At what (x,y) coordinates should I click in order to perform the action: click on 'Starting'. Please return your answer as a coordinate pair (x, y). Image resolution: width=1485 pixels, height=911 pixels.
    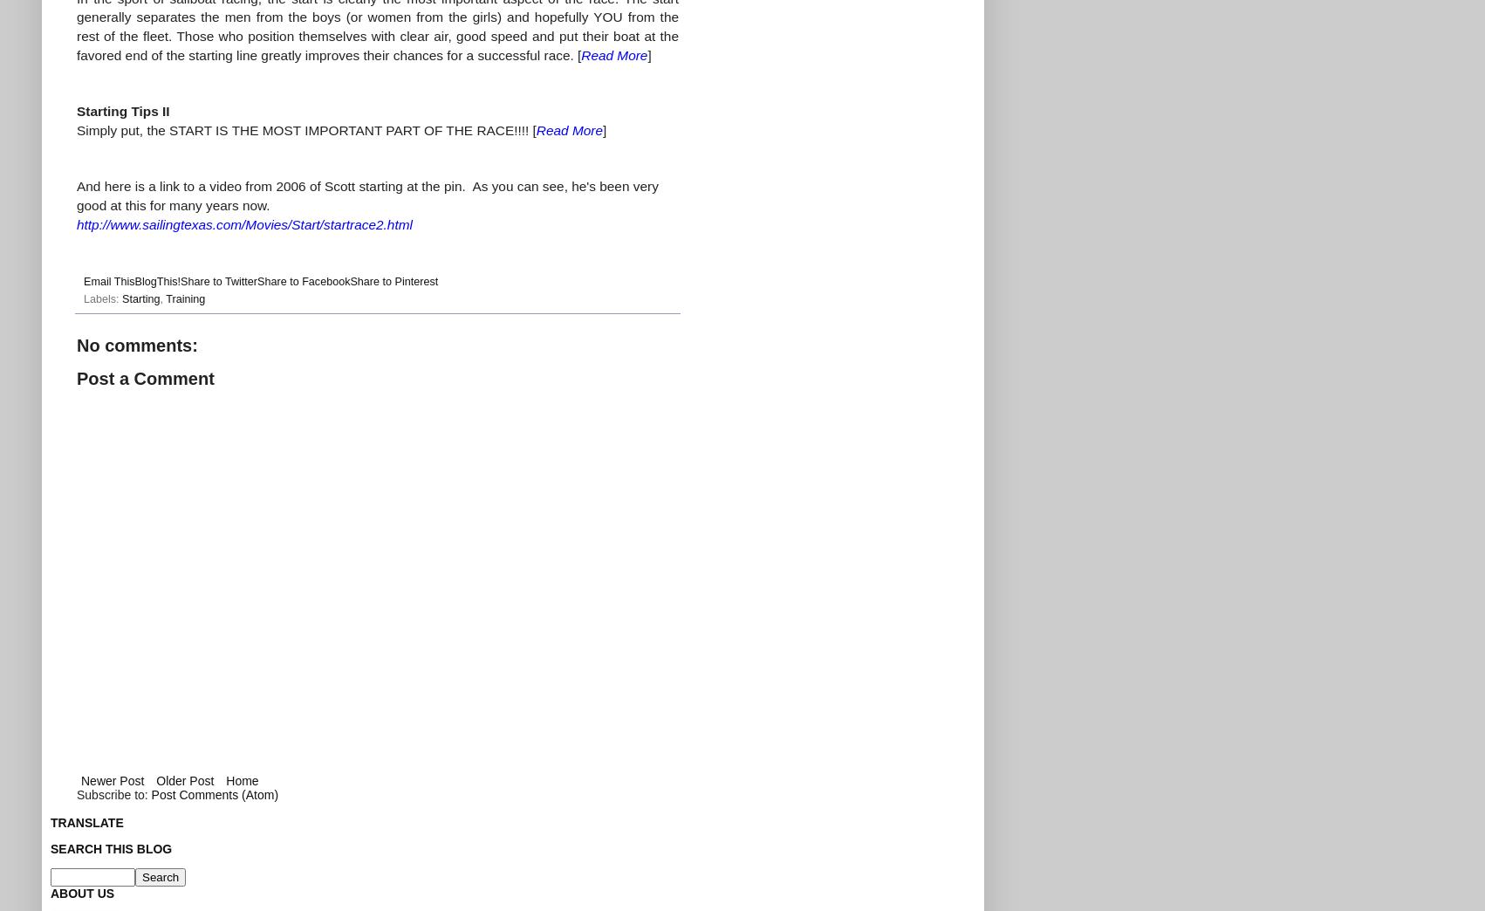
    Looking at the image, I should click on (140, 298).